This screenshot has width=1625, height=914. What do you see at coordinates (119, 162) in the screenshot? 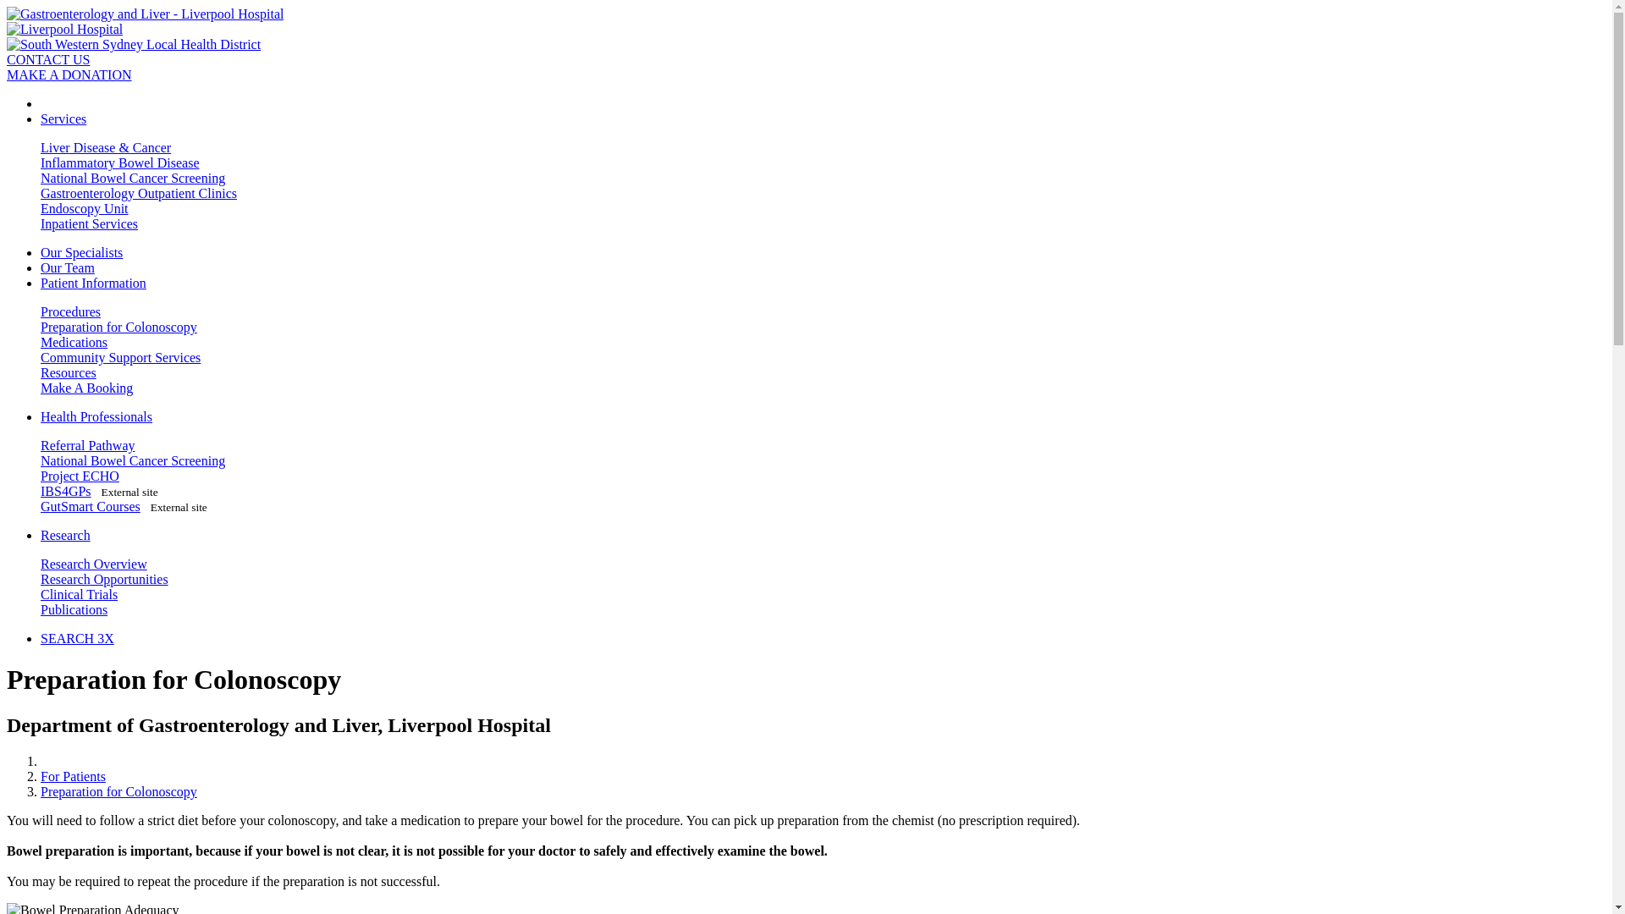
I see `'Inflammatory Bowel Disease'` at bounding box center [119, 162].